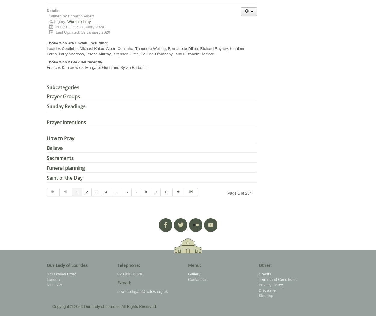 This screenshot has width=376, height=316. What do you see at coordinates (239, 193) in the screenshot?
I see `'Page 1 of 264'` at bounding box center [239, 193].